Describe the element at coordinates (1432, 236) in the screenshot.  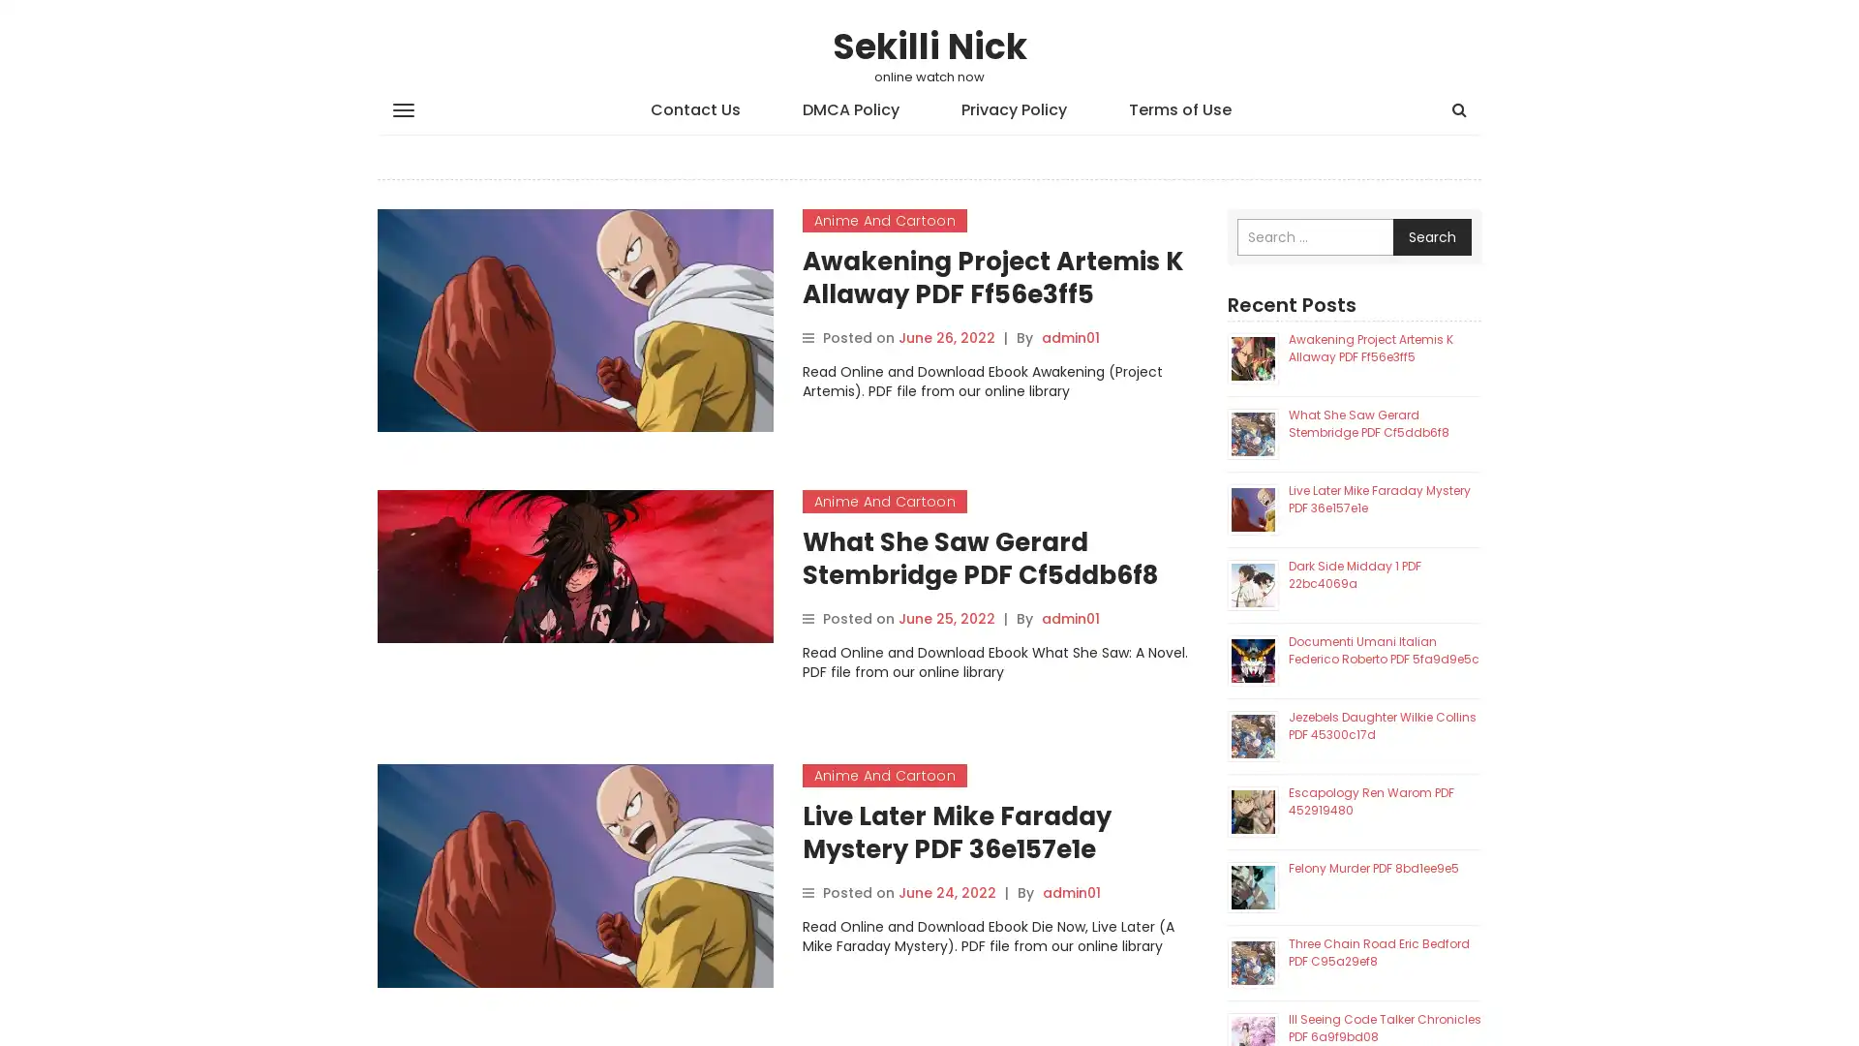
I see `Search` at that location.